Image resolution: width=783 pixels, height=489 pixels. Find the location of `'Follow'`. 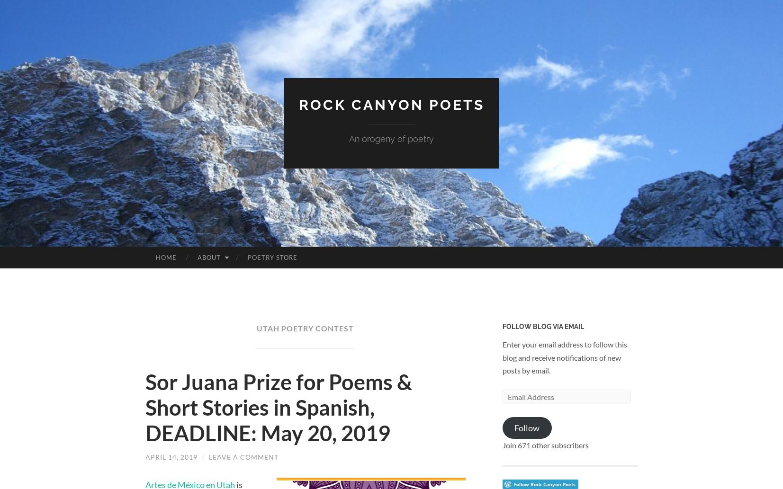

'Follow' is located at coordinates (514, 427).